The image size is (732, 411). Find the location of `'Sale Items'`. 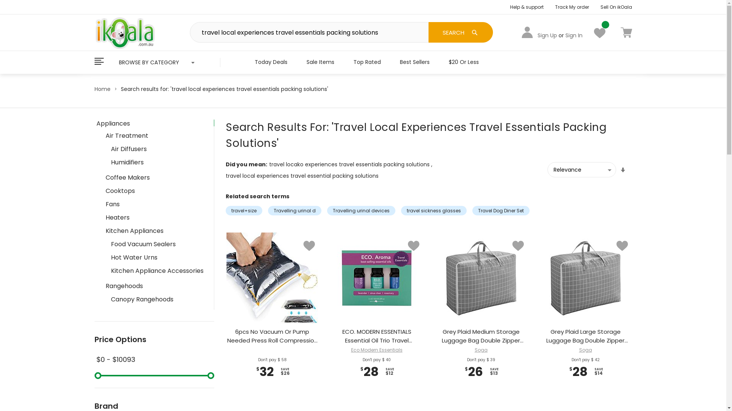

'Sale Items' is located at coordinates (320, 61).